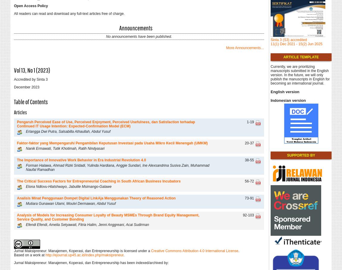 The width and height of the screenshot is (342, 270). I want to click on 'Forman Halawa,									Ahmad Rizki Sridadi,									Yulinda Hardiana,									Anggie Sundari,									Ine Alexsandrina Susiva Zain,									Muhammad Naufal Ramadhan', so click(117, 167).